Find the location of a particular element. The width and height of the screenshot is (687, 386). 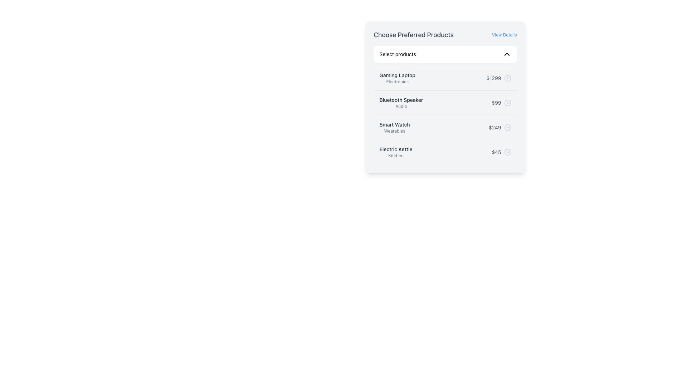

the 'Gaming Laptop' text block located under the 'Choose Preferred Products' section to highlight the corresponding product is located at coordinates (397, 78).